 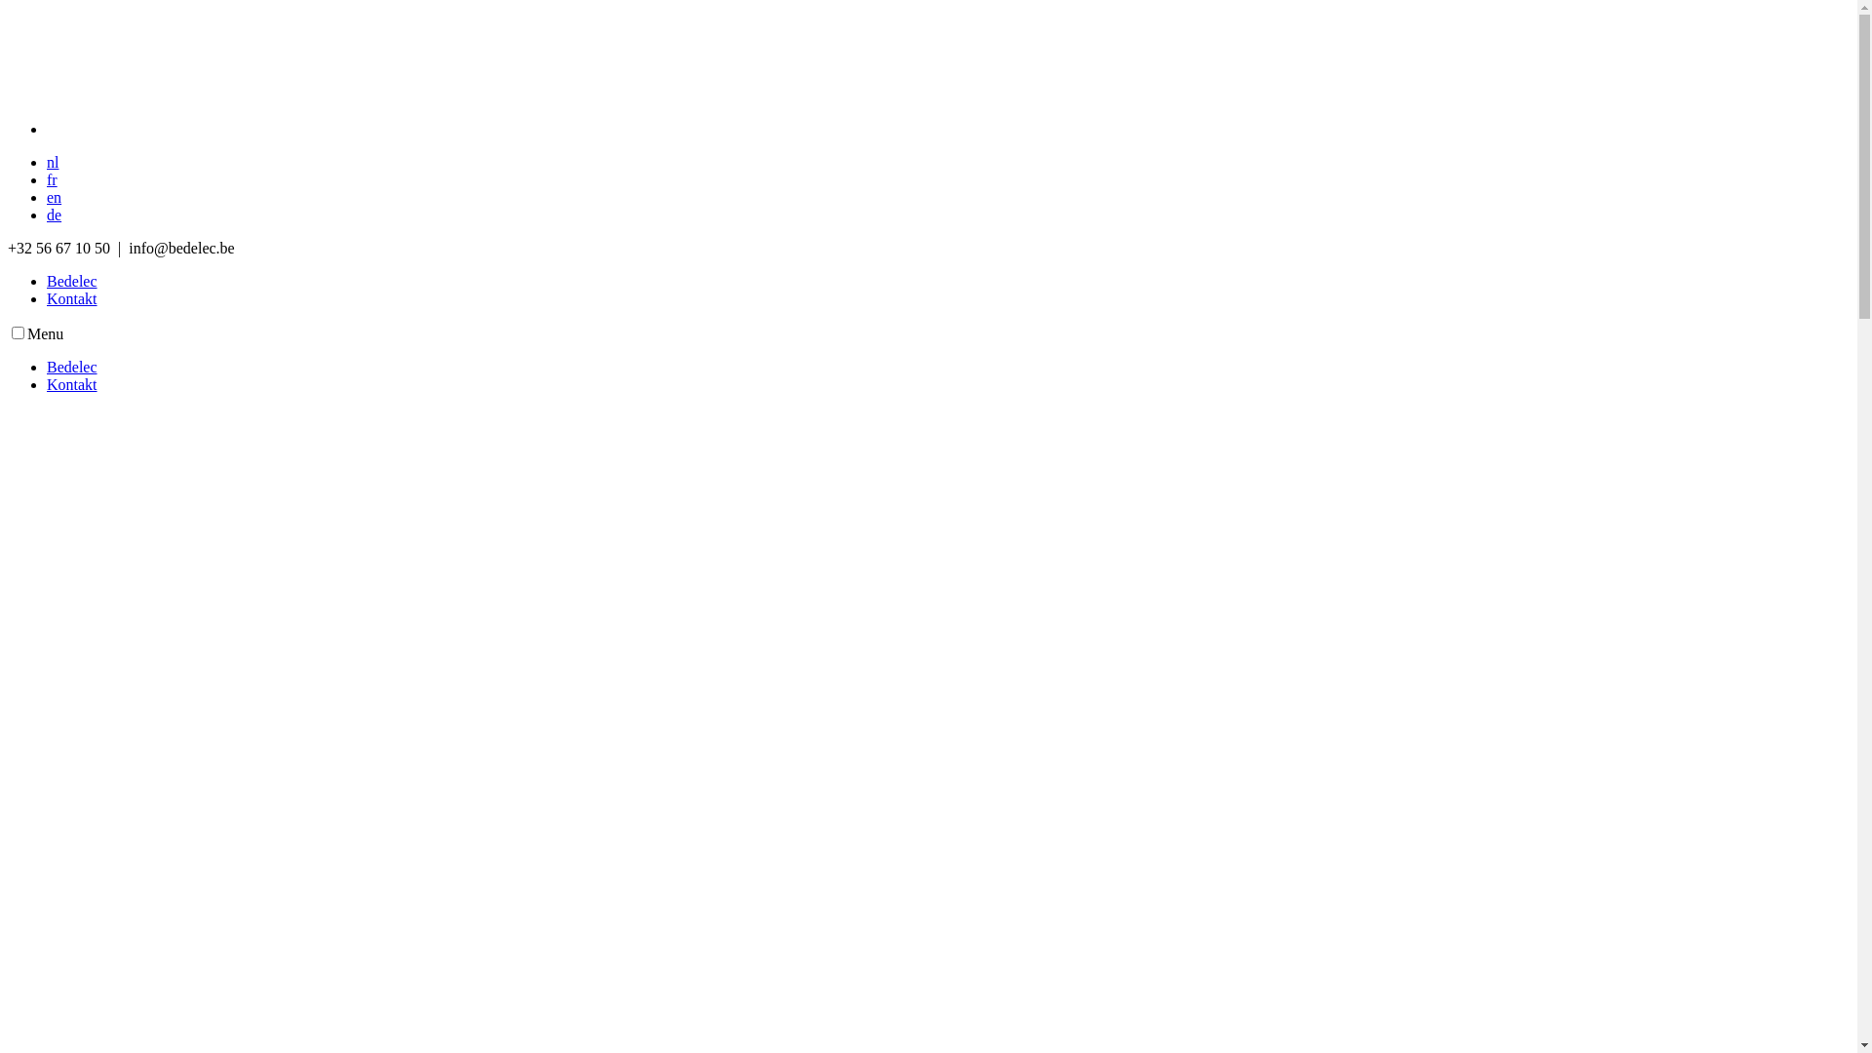 What do you see at coordinates (52, 161) in the screenshot?
I see `'nl'` at bounding box center [52, 161].